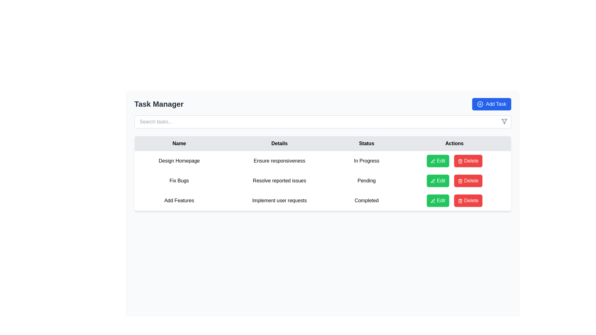  I want to click on the green 'Edit' button with a pencil icon located under the 'Actions' column in the last row of the table, so click(437, 201).